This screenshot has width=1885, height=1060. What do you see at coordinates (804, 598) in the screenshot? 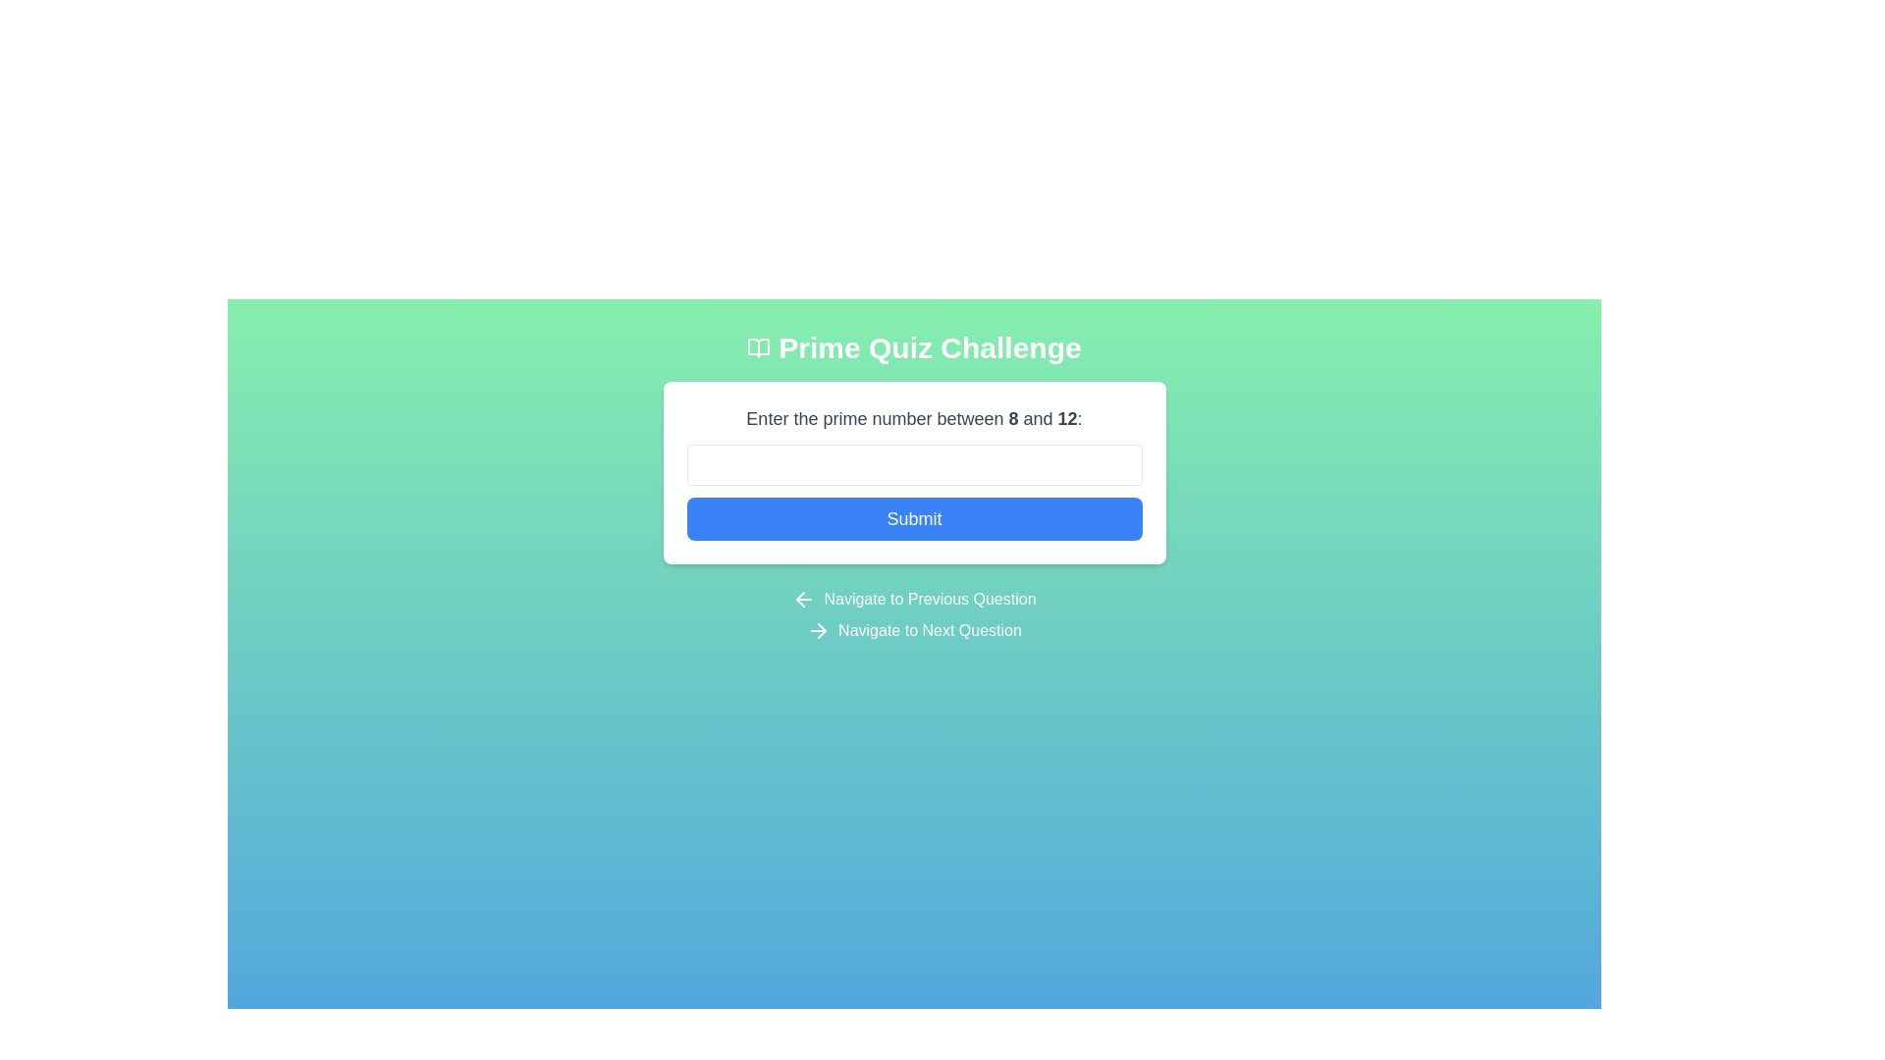
I see `the left arrow icon adjacent to the text 'Navigate to Previous Question'` at bounding box center [804, 598].